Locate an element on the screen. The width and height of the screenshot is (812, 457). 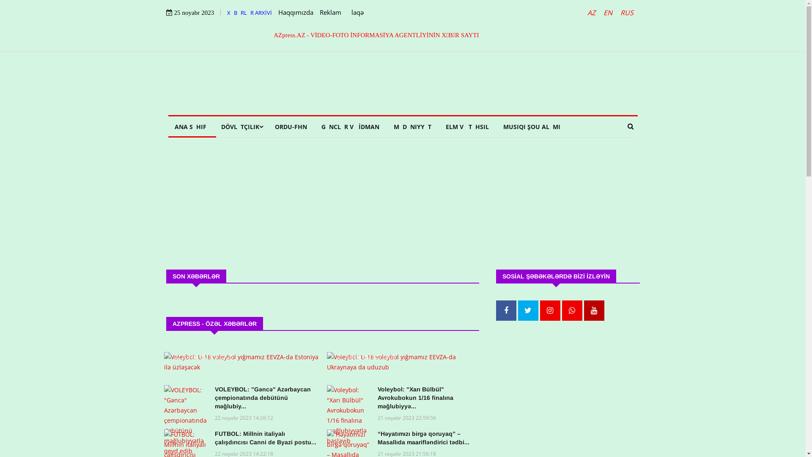
'RUS' is located at coordinates (626, 13).